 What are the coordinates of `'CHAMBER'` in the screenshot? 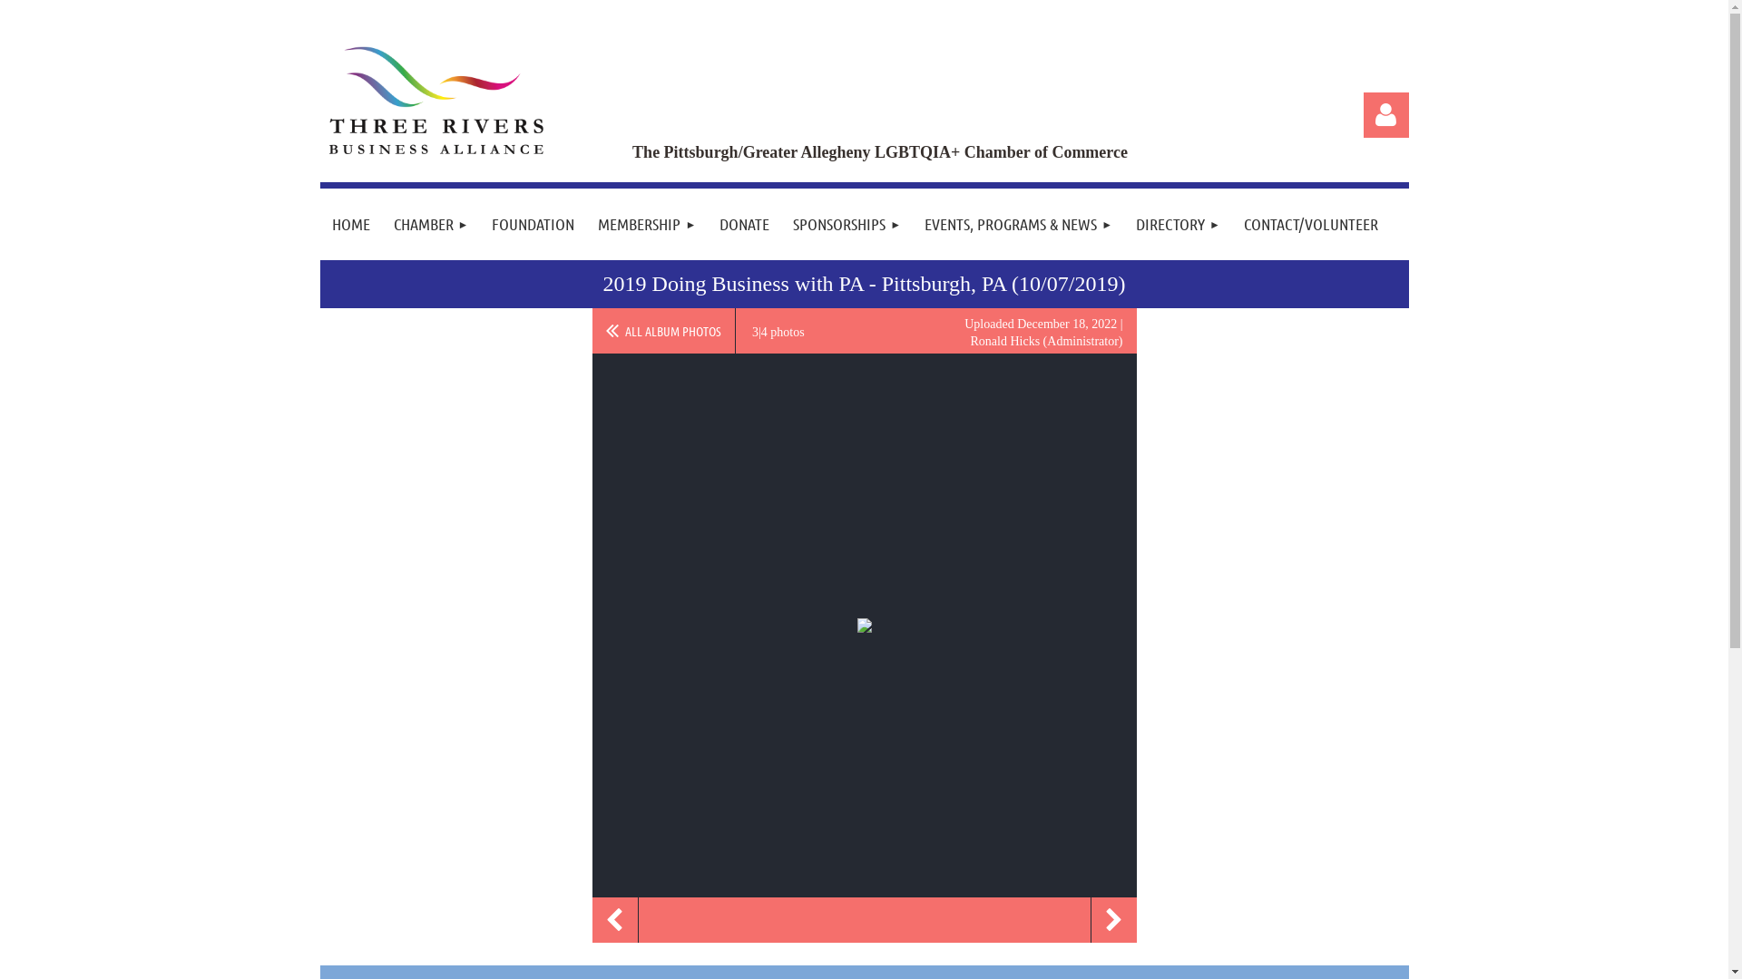 It's located at (429, 223).